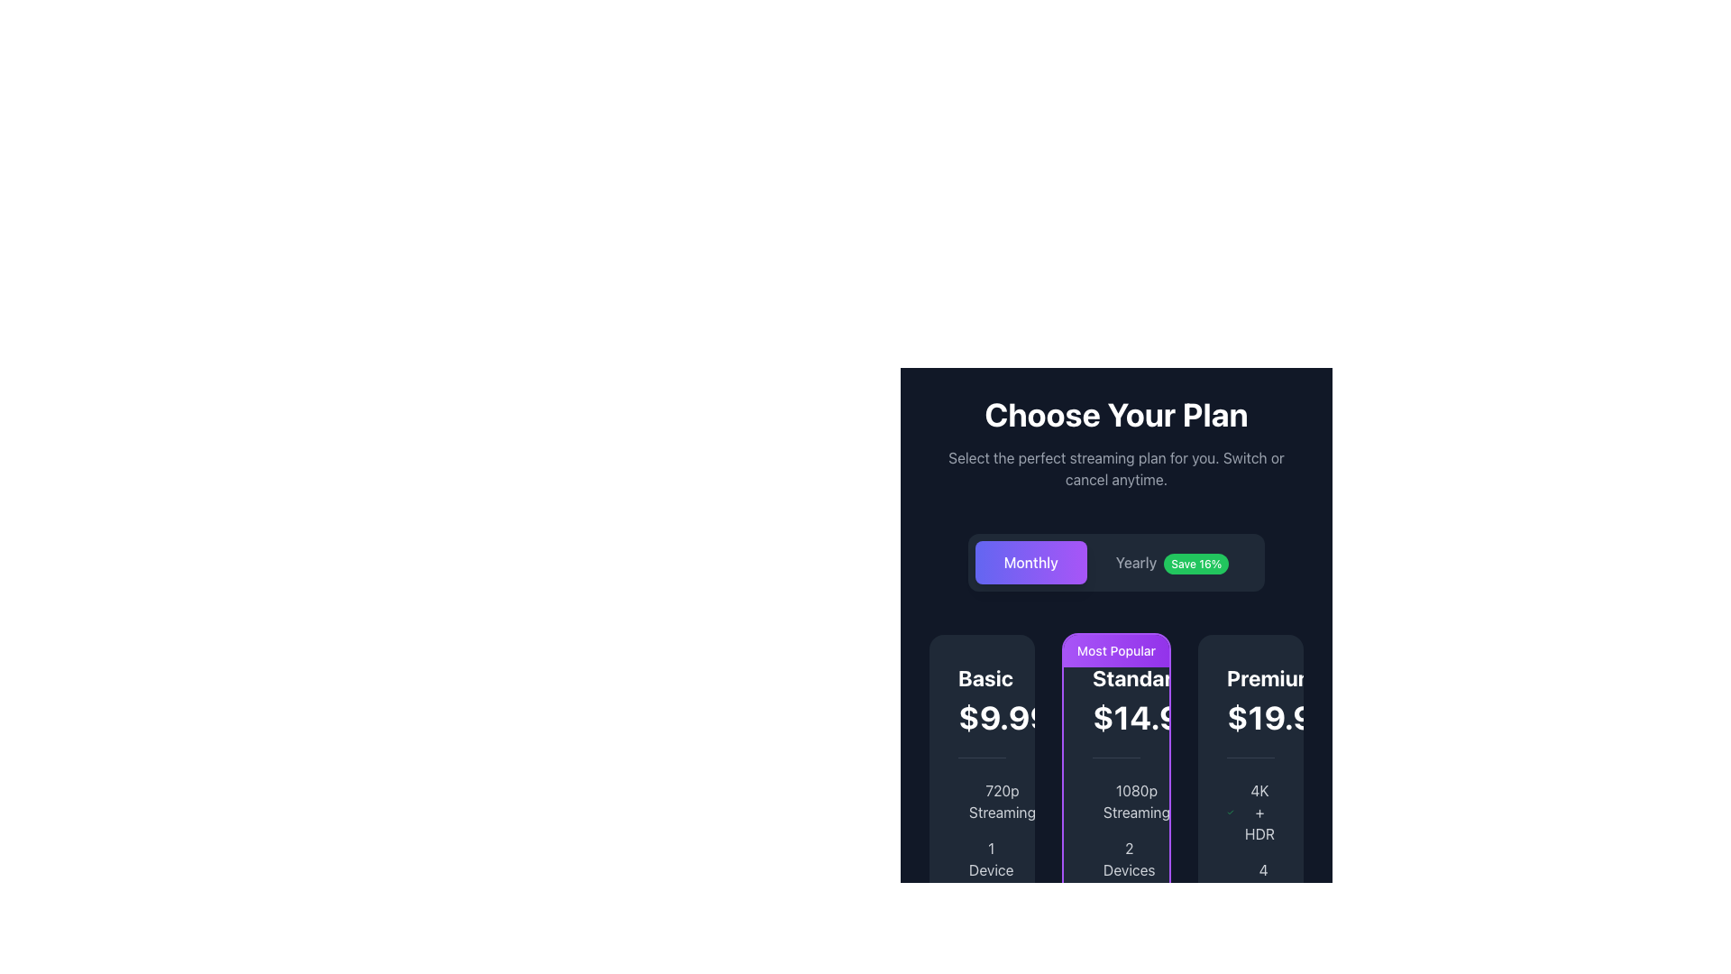 Image resolution: width=1731 pixels, height=974 pixels. What do you see at coordinates (1115, 858) in the screenshot?
I see `text label that describes the feature of the 'Standard' plan, which indicates the user can use the service on two devices simultaneously, located under the '1080p Streaming' label in the pricing plan card` at bounding box center [1115, 858].